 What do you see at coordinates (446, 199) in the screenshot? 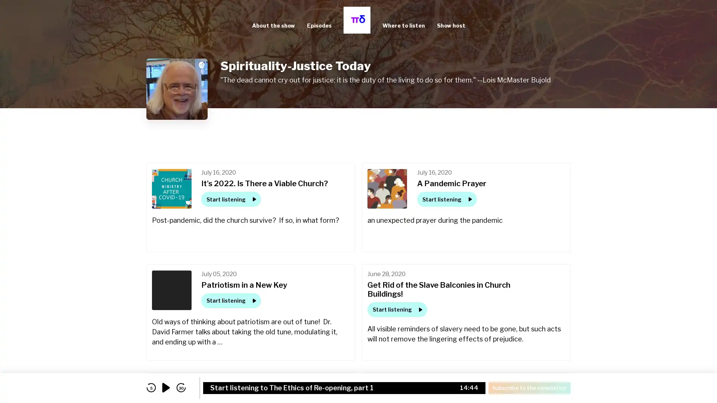
I see `Start listening` at bounding box center [446, 199].